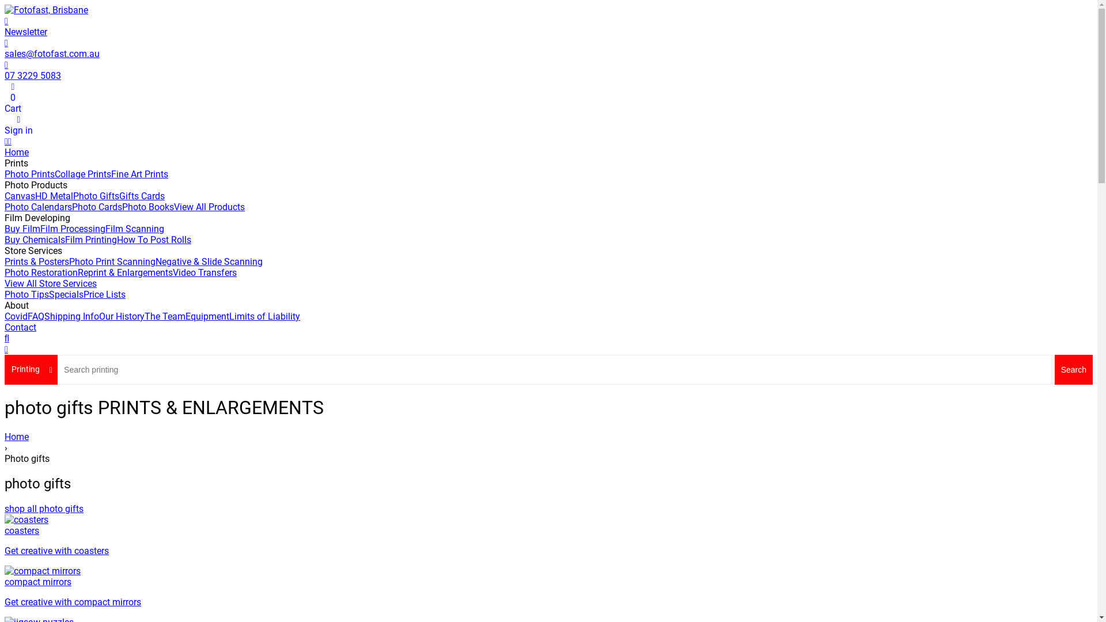 Image resolution: width=1106 pixels, height=622 pixels. What do you see at coordinates (82, 294) in the screenshot?
I see `'Price Lists'` at bounding box center [82, 294].